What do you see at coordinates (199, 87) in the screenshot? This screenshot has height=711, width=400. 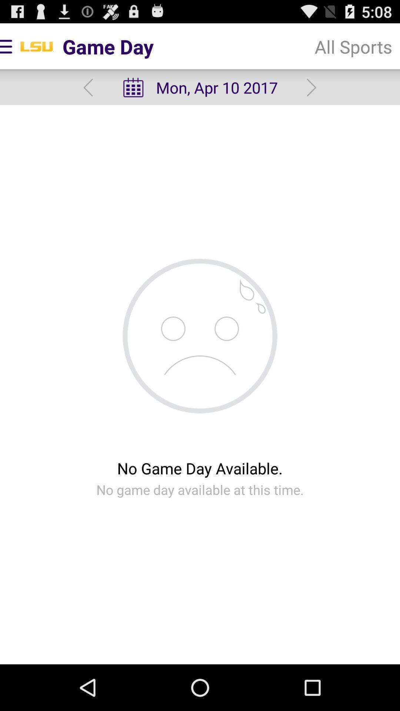 I see `the app at the top` at bounding box center [199, 87].